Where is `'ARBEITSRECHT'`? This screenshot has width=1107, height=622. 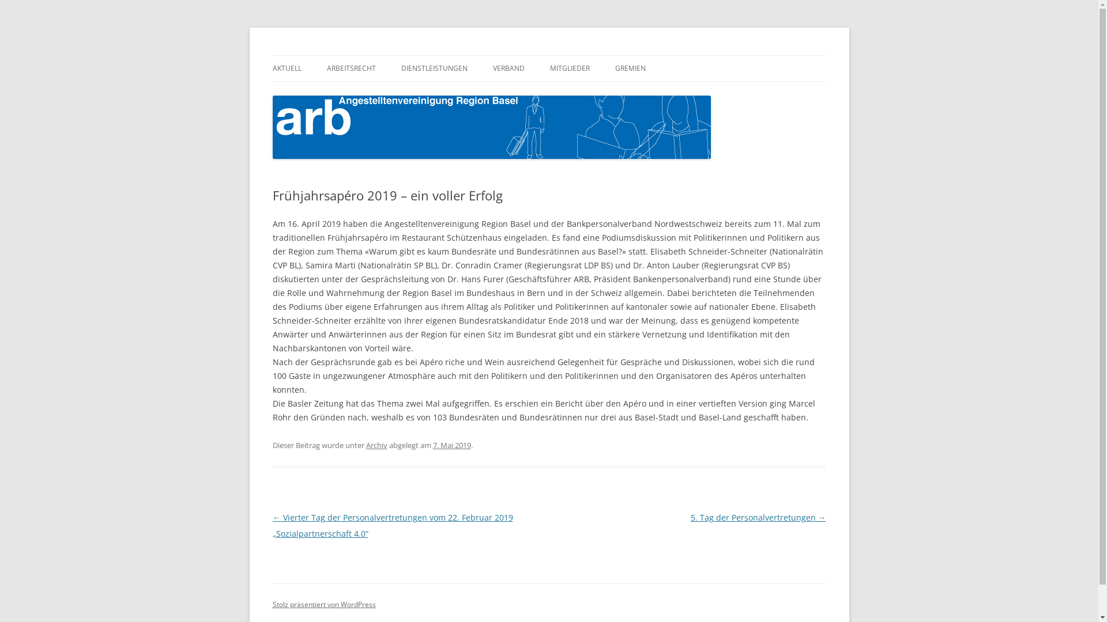 'ARBEITSRECHT' is located at coordinates (350, 69).